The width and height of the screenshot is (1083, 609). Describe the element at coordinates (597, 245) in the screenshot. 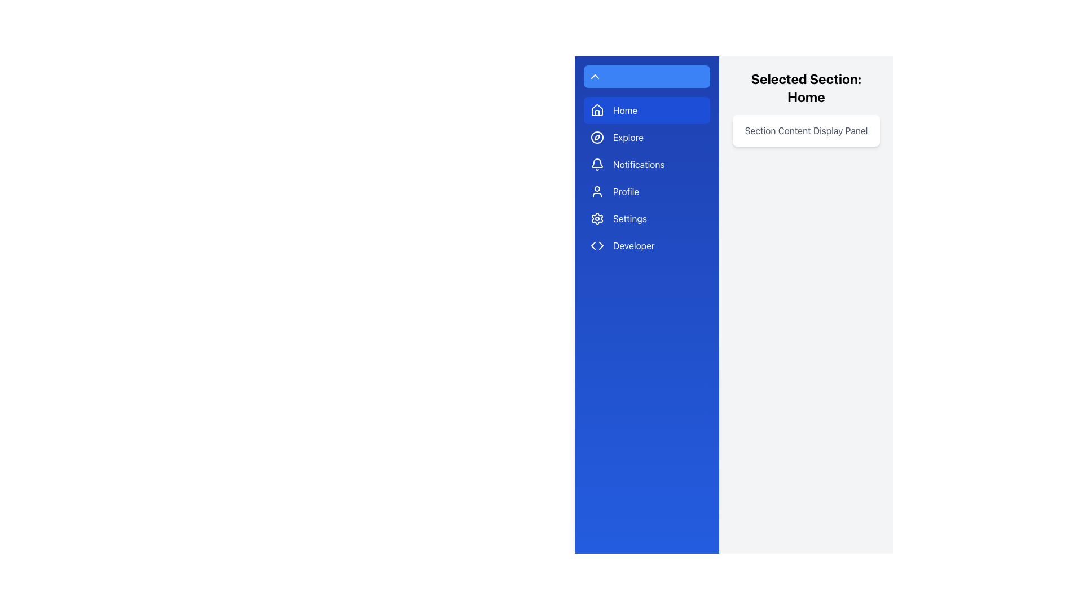

I see `the 'Developer' icon in the sidebar navigation menu, which visually represents the 'Developer' section and is left-aligned with its accompanying text` at that location.